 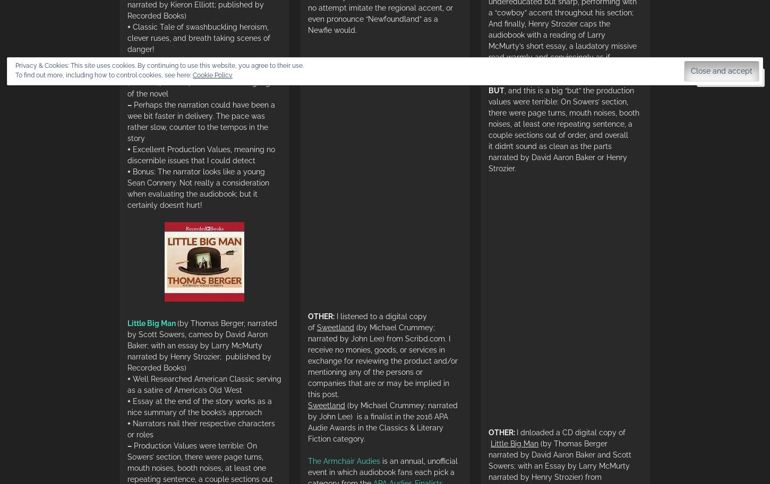 What do you see at coordinates (563, 128) in the screenshot?
I see `', and this is a big “but” the production values were terrible: On Sowers’ section, there were page turns, mouth noises, booth noises, at least one repeating sentence, a couple sections out of order, and overall it didn’t sound as clean as the parts narrated by David Aaron Baker or Henry Strozier.'` at bounding box center [563, 128].